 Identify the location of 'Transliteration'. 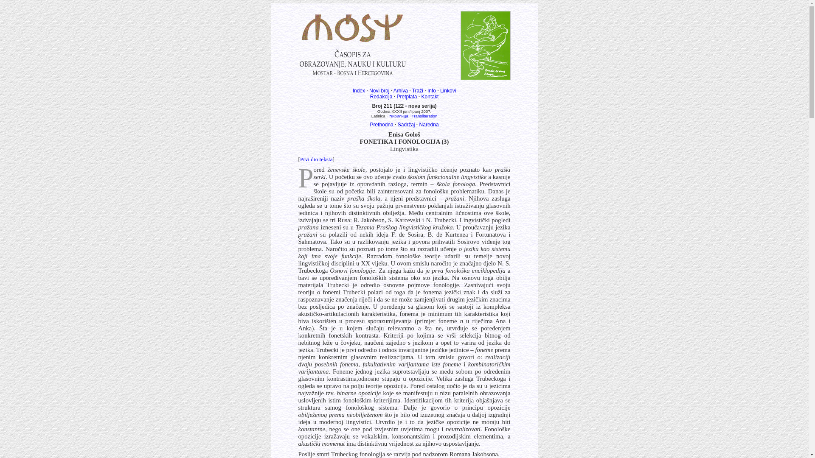
(424, 116).